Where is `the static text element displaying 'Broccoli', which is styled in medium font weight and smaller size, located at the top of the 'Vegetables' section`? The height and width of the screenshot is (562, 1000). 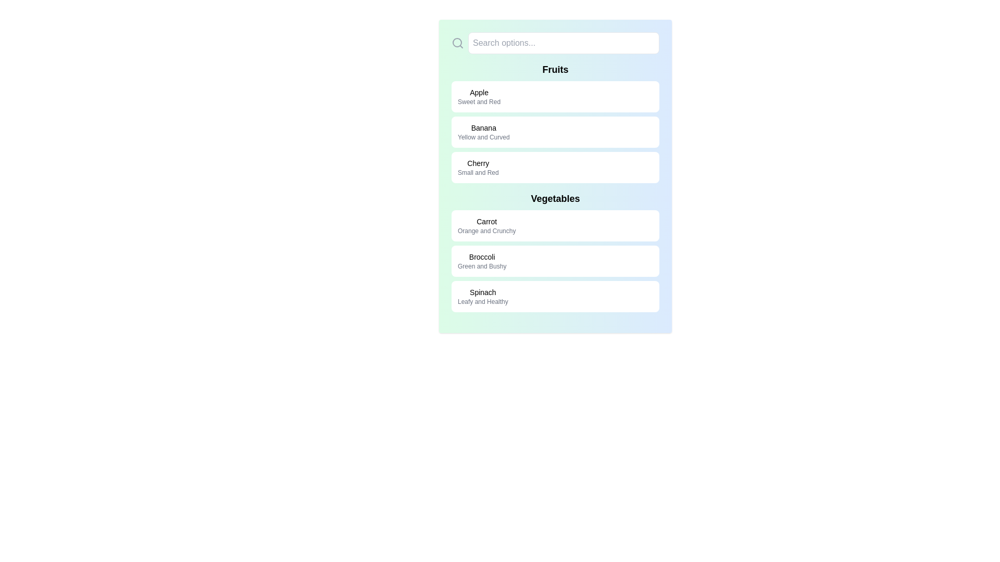
the static text element displaying 'Broccoli', which is styled in medium font weight and smaller size, located at the top of the 'Vegetables' section is located at coordinates (481, 257).